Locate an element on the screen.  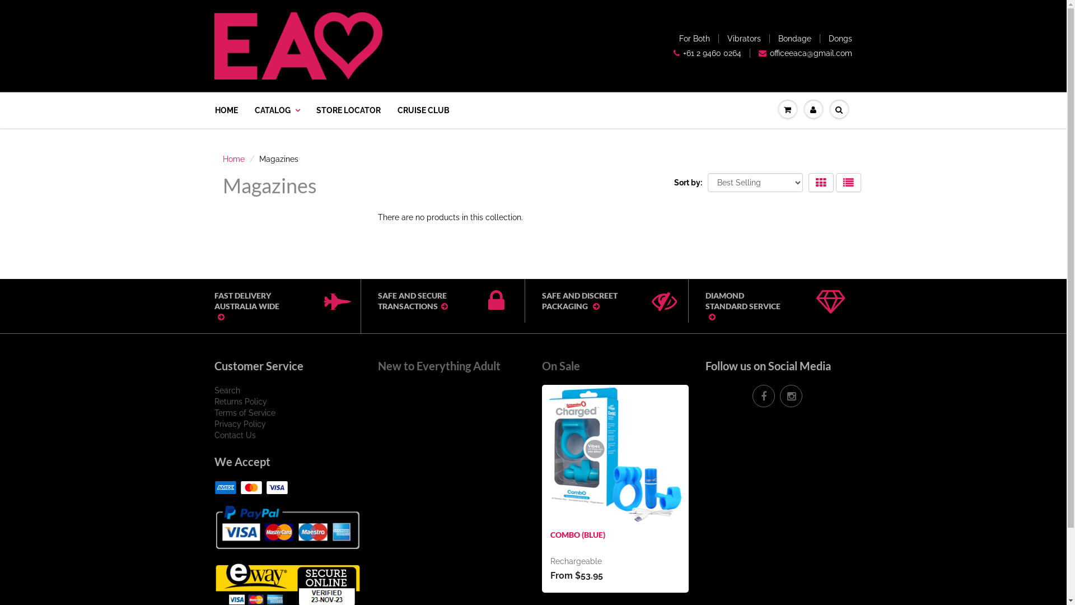
'SAFE AND SECURE TRANSACTIONS' is located at coordinates (434, 300).